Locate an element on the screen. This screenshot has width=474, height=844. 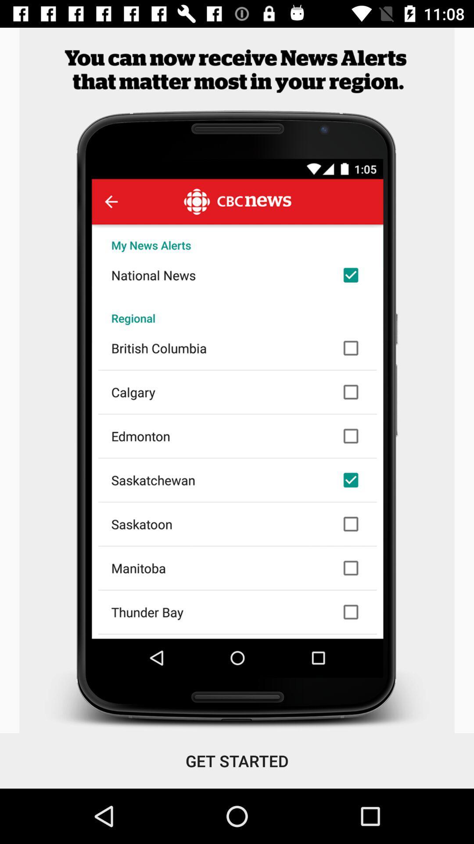
get started button is located at coordinates (237, 760).